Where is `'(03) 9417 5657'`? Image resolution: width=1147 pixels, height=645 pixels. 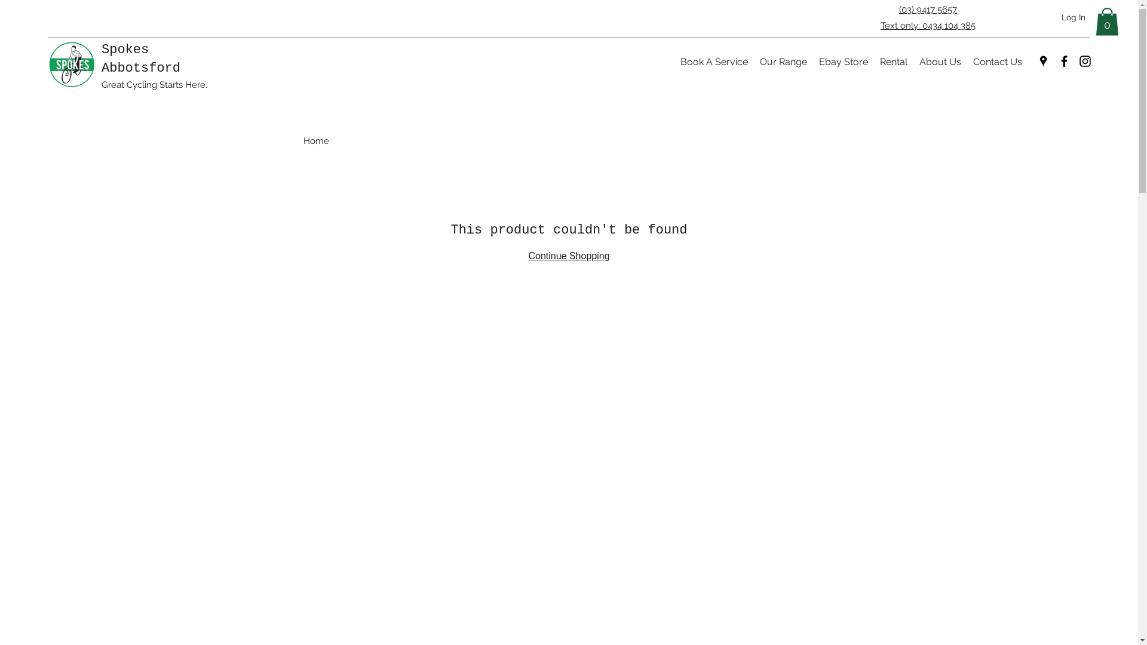
'(03) 9417 5657' is located at coordinates (899, 9).